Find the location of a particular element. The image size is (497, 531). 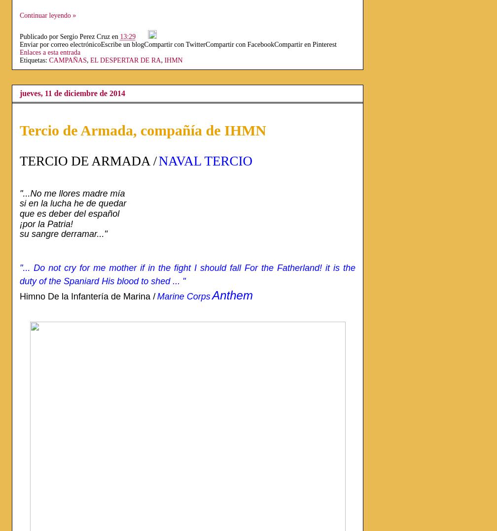

'Etiquetas:' is located at coordinates (20, 60).